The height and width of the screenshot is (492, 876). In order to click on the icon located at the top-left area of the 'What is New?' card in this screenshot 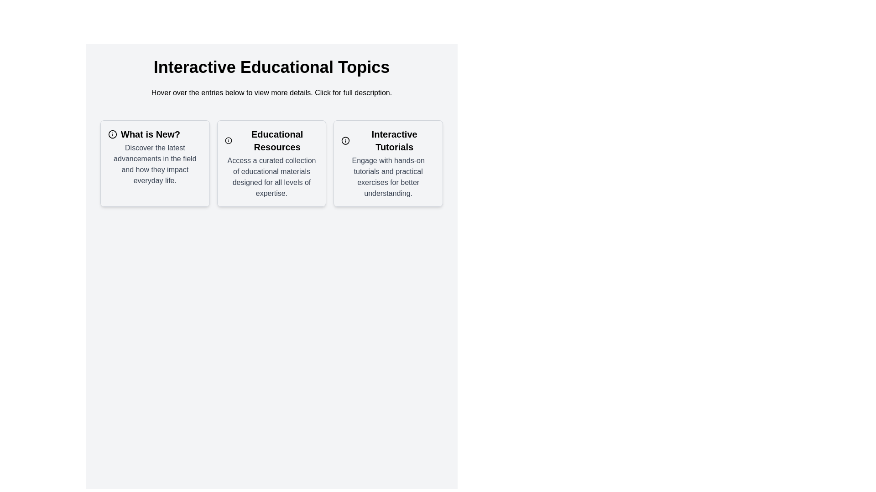, I will do `click(112, 134)`.